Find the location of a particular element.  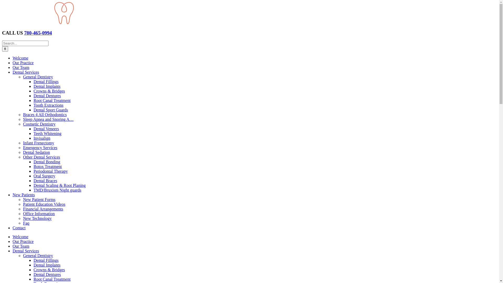

'Invisalign' is located at coordinates (41, 138).